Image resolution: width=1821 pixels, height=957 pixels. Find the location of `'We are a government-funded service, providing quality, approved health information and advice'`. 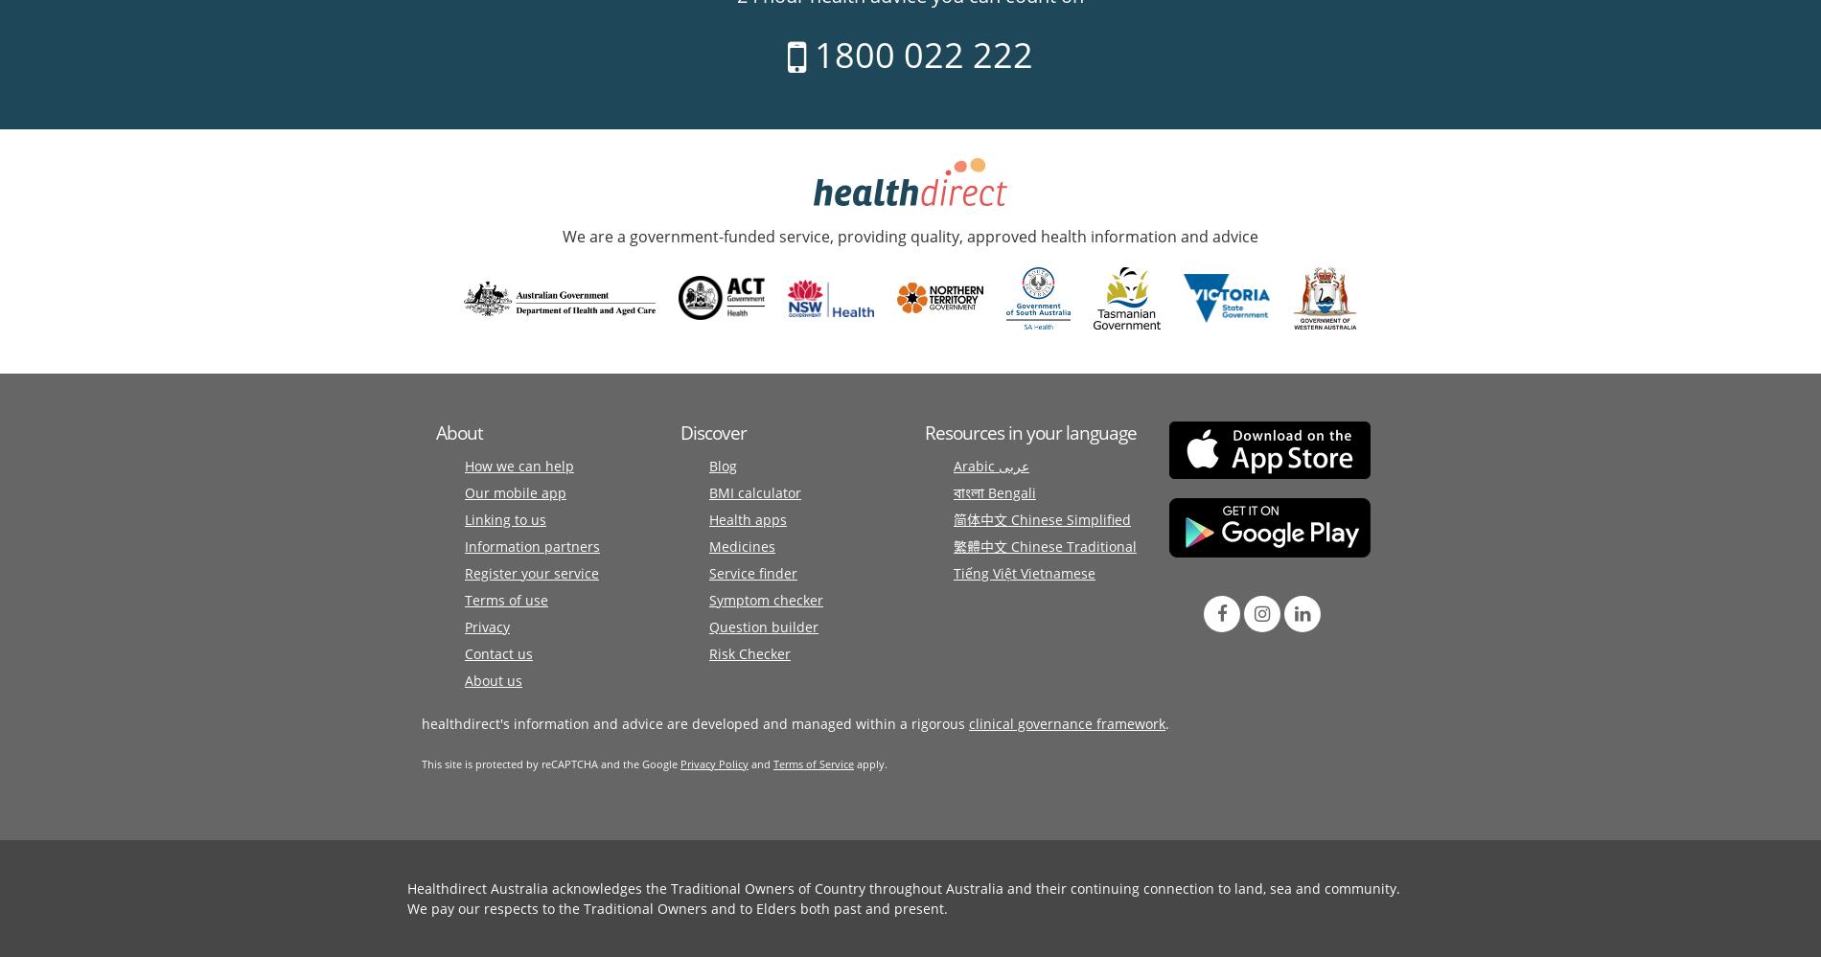

'We are a government-funded service, providing quality, approved health information and advice' is located at coordinates (910, 235).